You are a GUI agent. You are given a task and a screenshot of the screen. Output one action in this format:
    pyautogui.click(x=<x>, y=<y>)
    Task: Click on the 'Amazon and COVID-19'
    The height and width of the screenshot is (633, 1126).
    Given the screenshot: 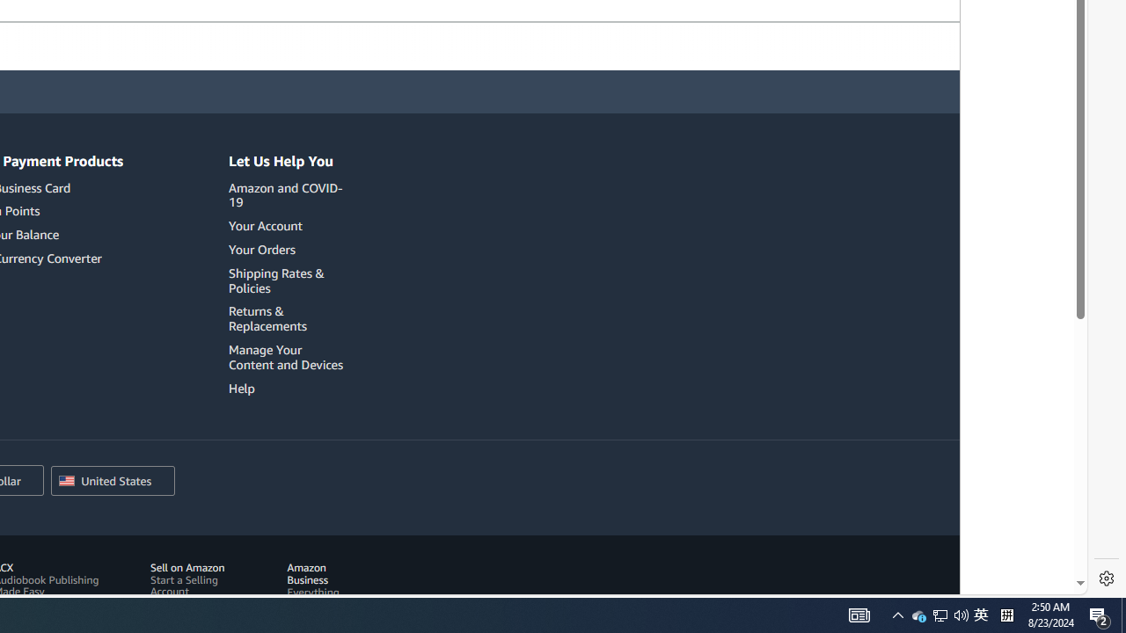 What is the action you would take?
    pyautogui.click(x=286, y=194)
    